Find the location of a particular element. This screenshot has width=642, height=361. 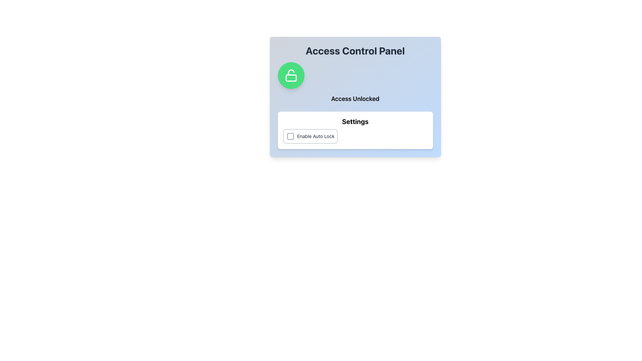

the 'Settings' text label, which is styled in bold and larger font, located at the top of a white rounded rectangle box is located at coordinates (355, 121).